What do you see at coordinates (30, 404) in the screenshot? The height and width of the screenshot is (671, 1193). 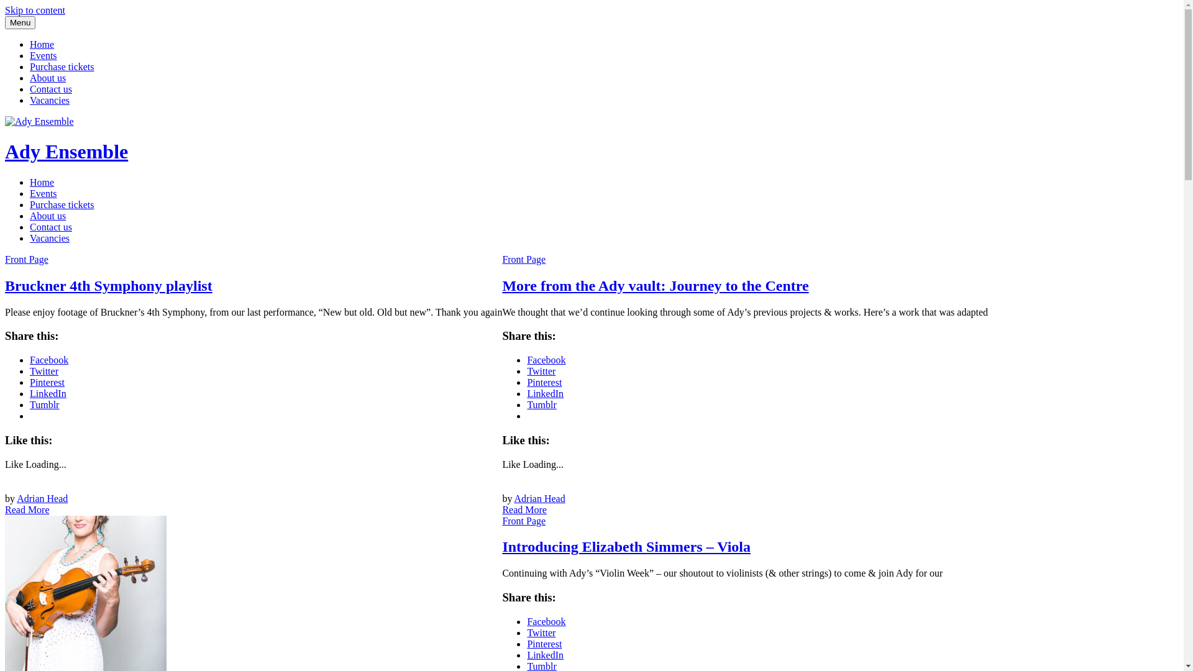 I see `'Tumblr'` at bounding box center [30, 404].